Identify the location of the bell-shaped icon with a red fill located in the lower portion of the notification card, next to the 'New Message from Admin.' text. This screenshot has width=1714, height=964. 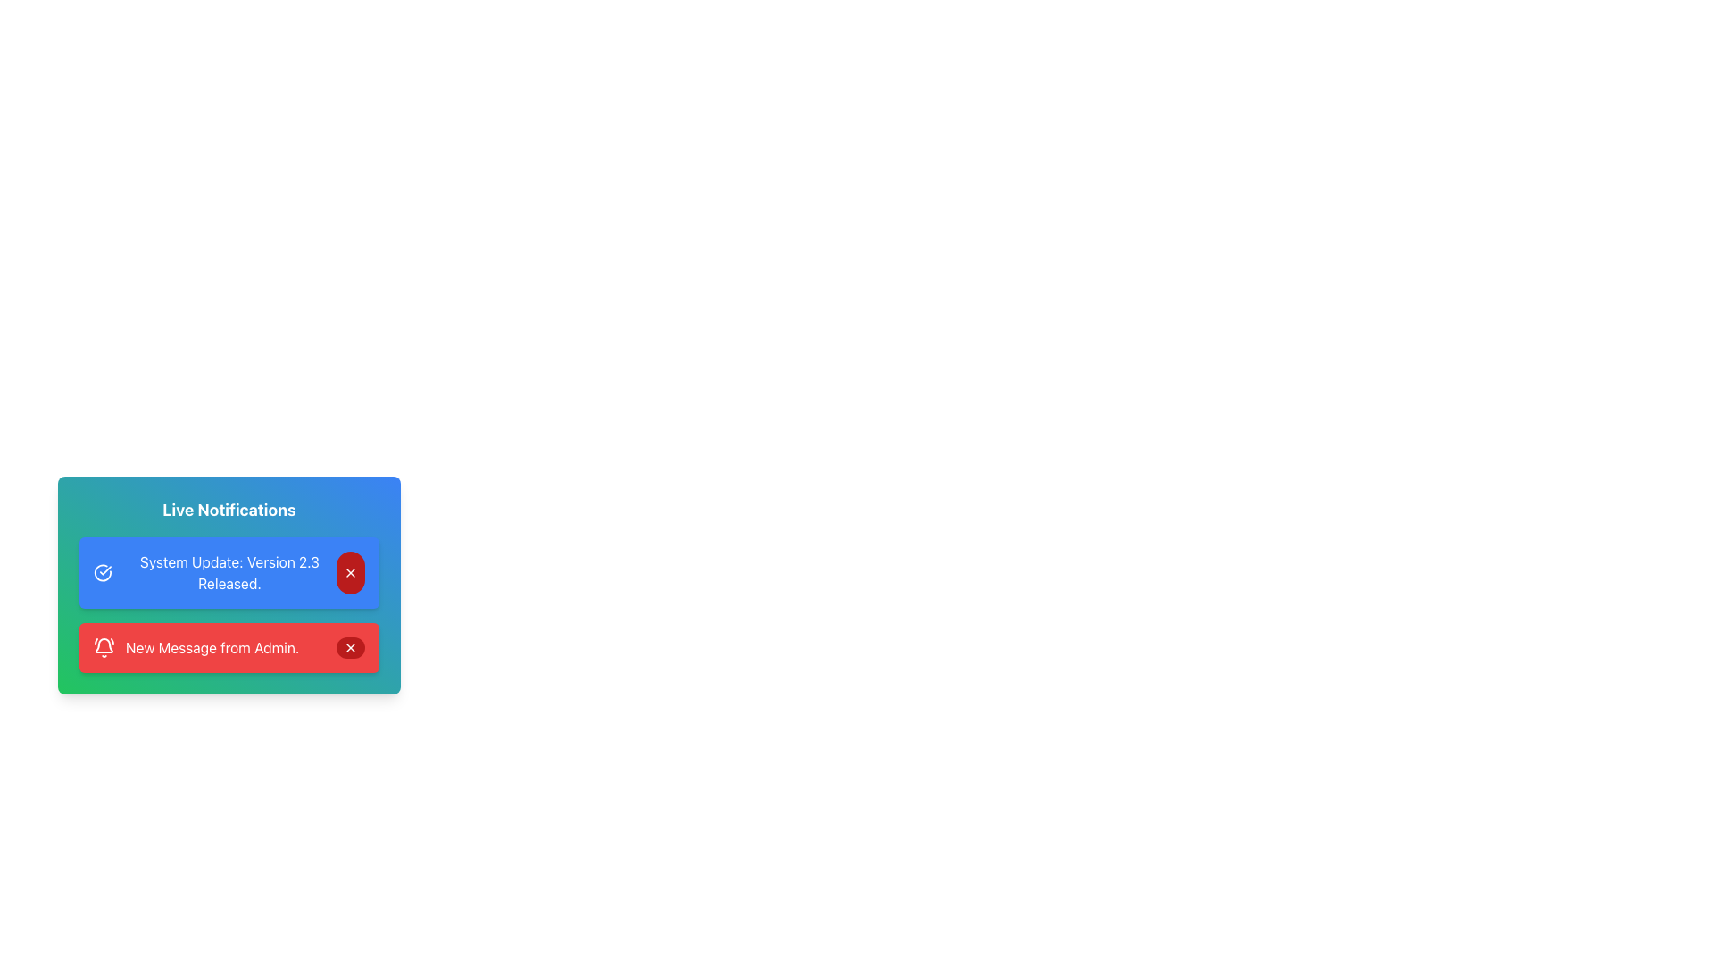
(103, 645).